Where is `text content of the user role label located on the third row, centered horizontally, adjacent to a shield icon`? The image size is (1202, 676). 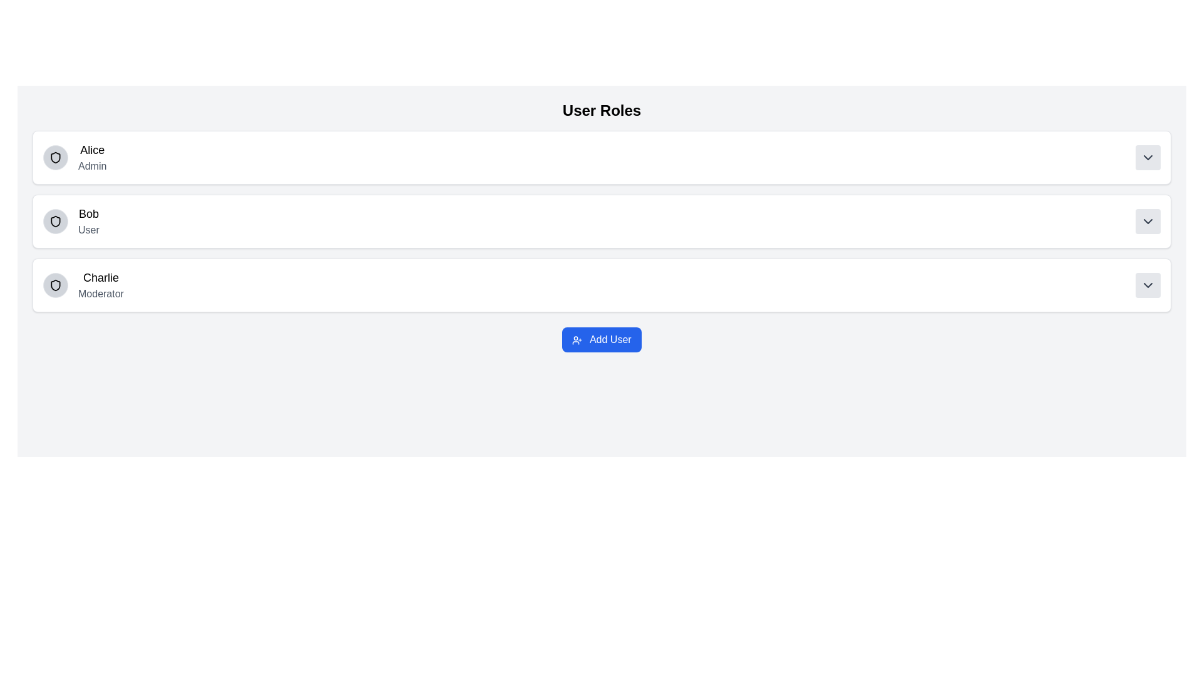
text content of the user role label located on the third row, centered horizontally, adjacent to a shield icon is located at coordinates (101, 285).